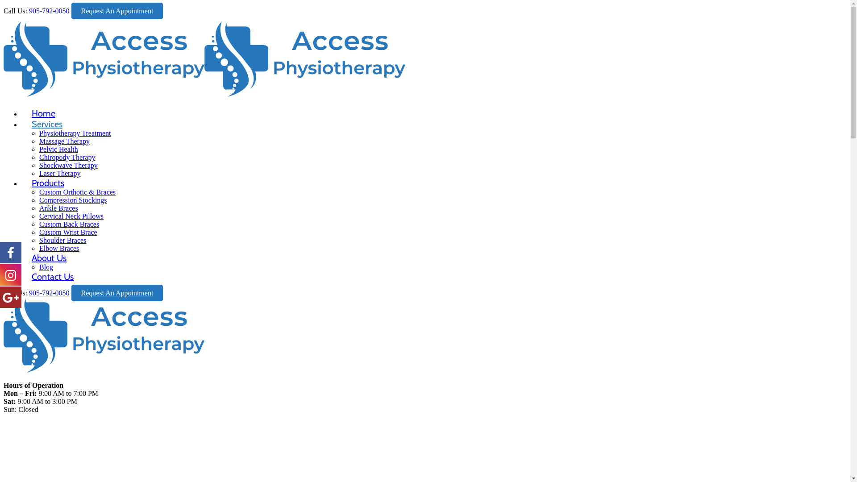 The width and height of the screenshot is (857, 482). Describe the element at coordinates (38, 208) in the screenshot. I see `'Ankle Braces'` at that location.